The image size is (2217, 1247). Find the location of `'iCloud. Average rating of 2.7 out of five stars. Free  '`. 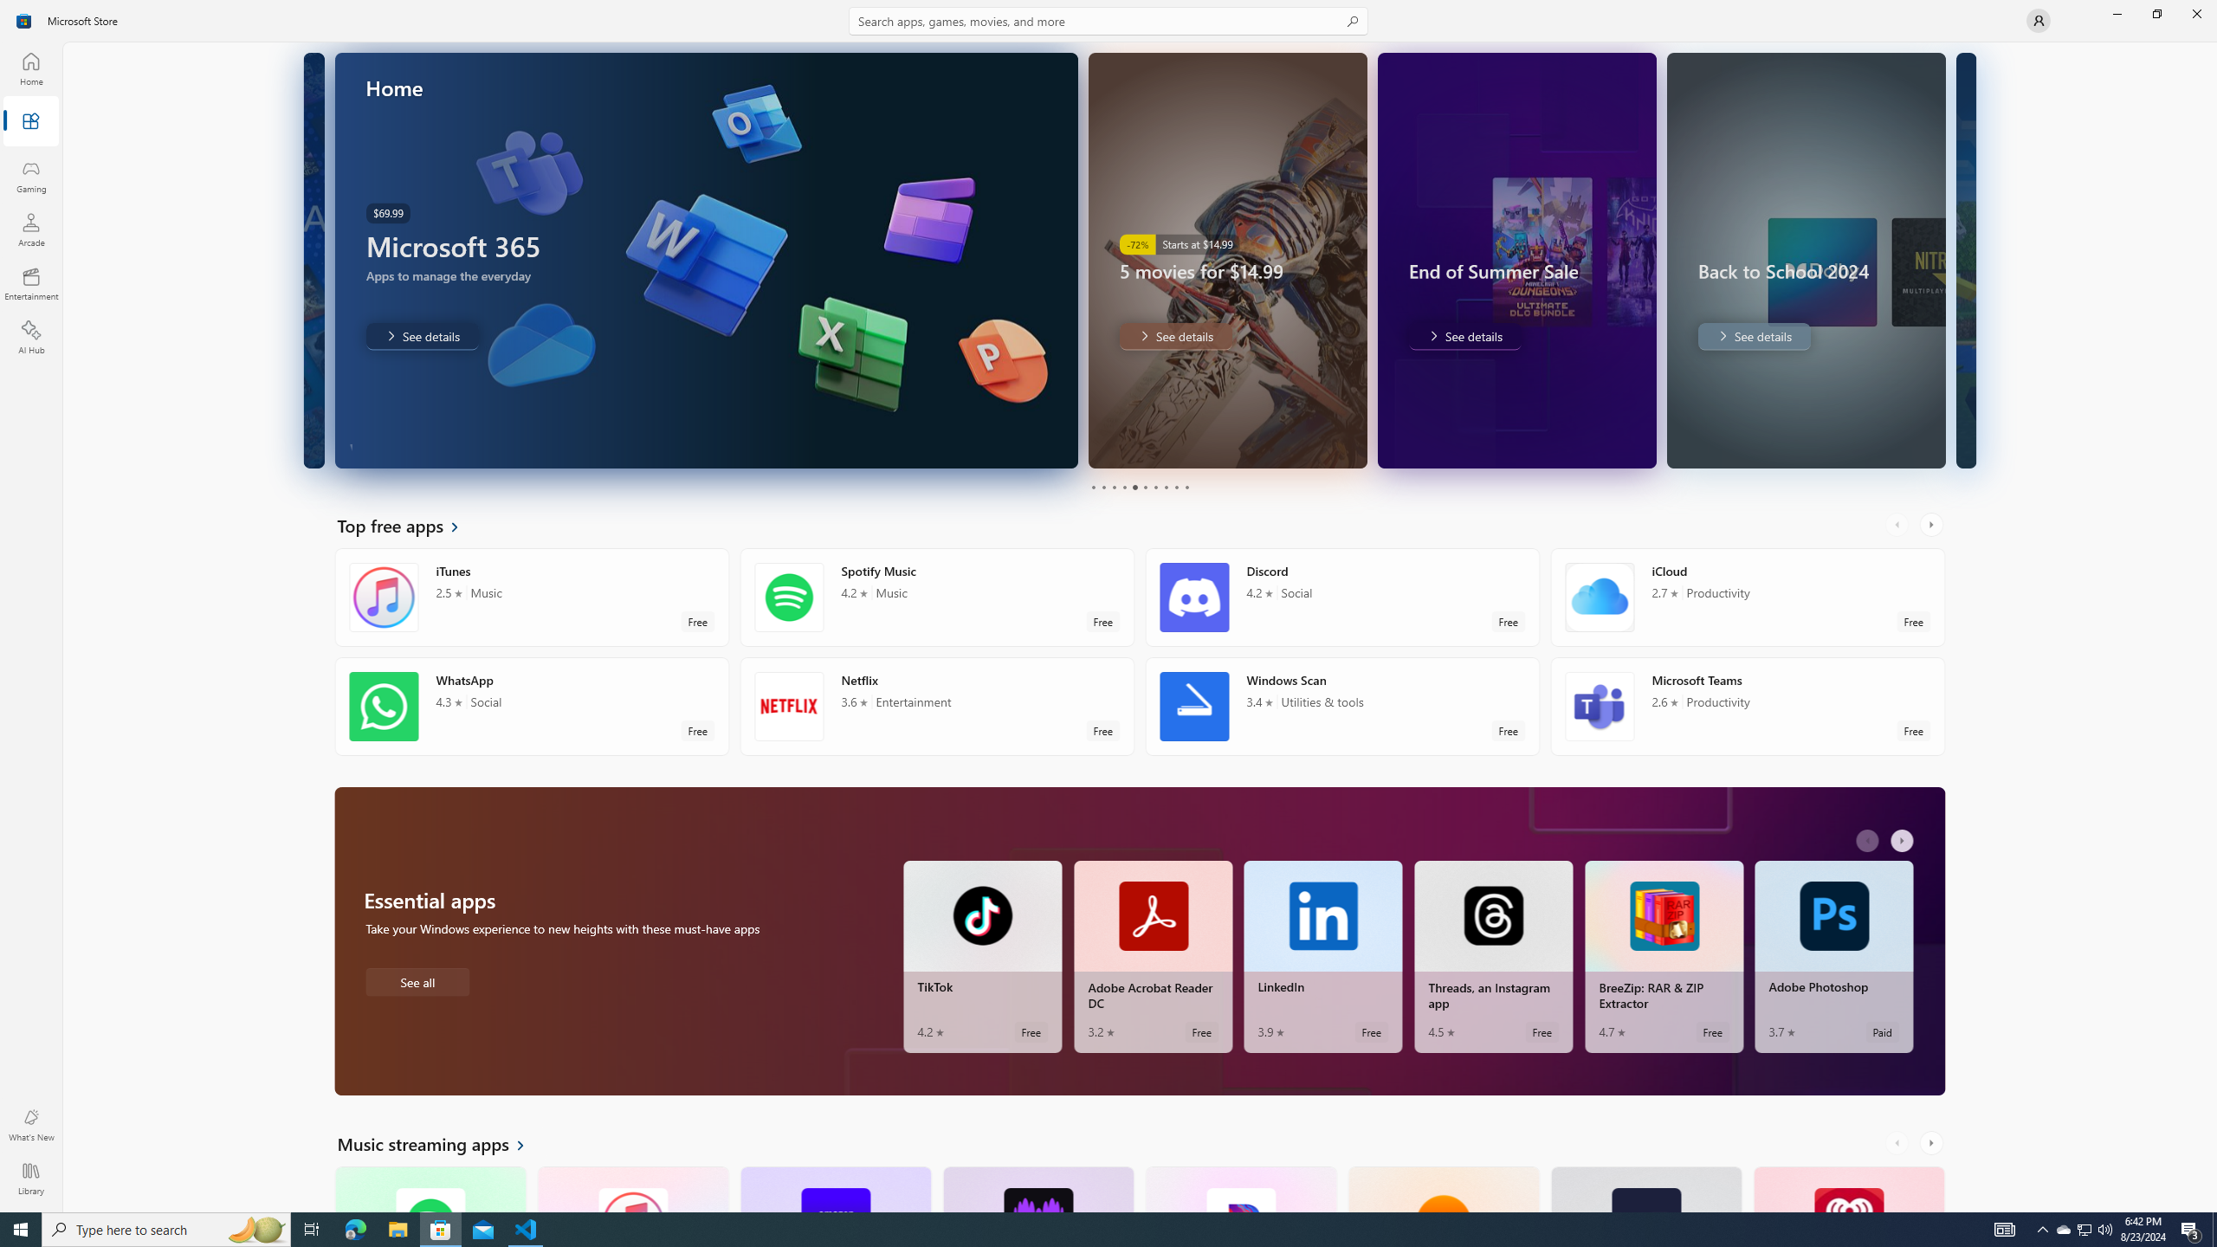

'iCloud. Average rating of 2.7 out of five stars. Free  ' is located at coordinates (1747, 597).